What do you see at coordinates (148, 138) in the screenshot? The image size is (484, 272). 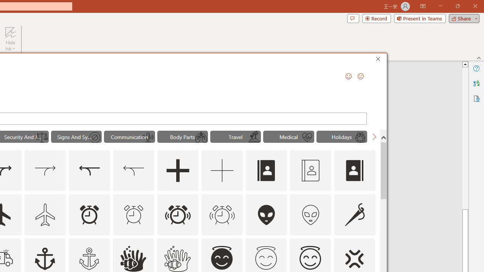 I see `'AutomationID: Icons_Podcast_M'` at bounding box center [148, 138].